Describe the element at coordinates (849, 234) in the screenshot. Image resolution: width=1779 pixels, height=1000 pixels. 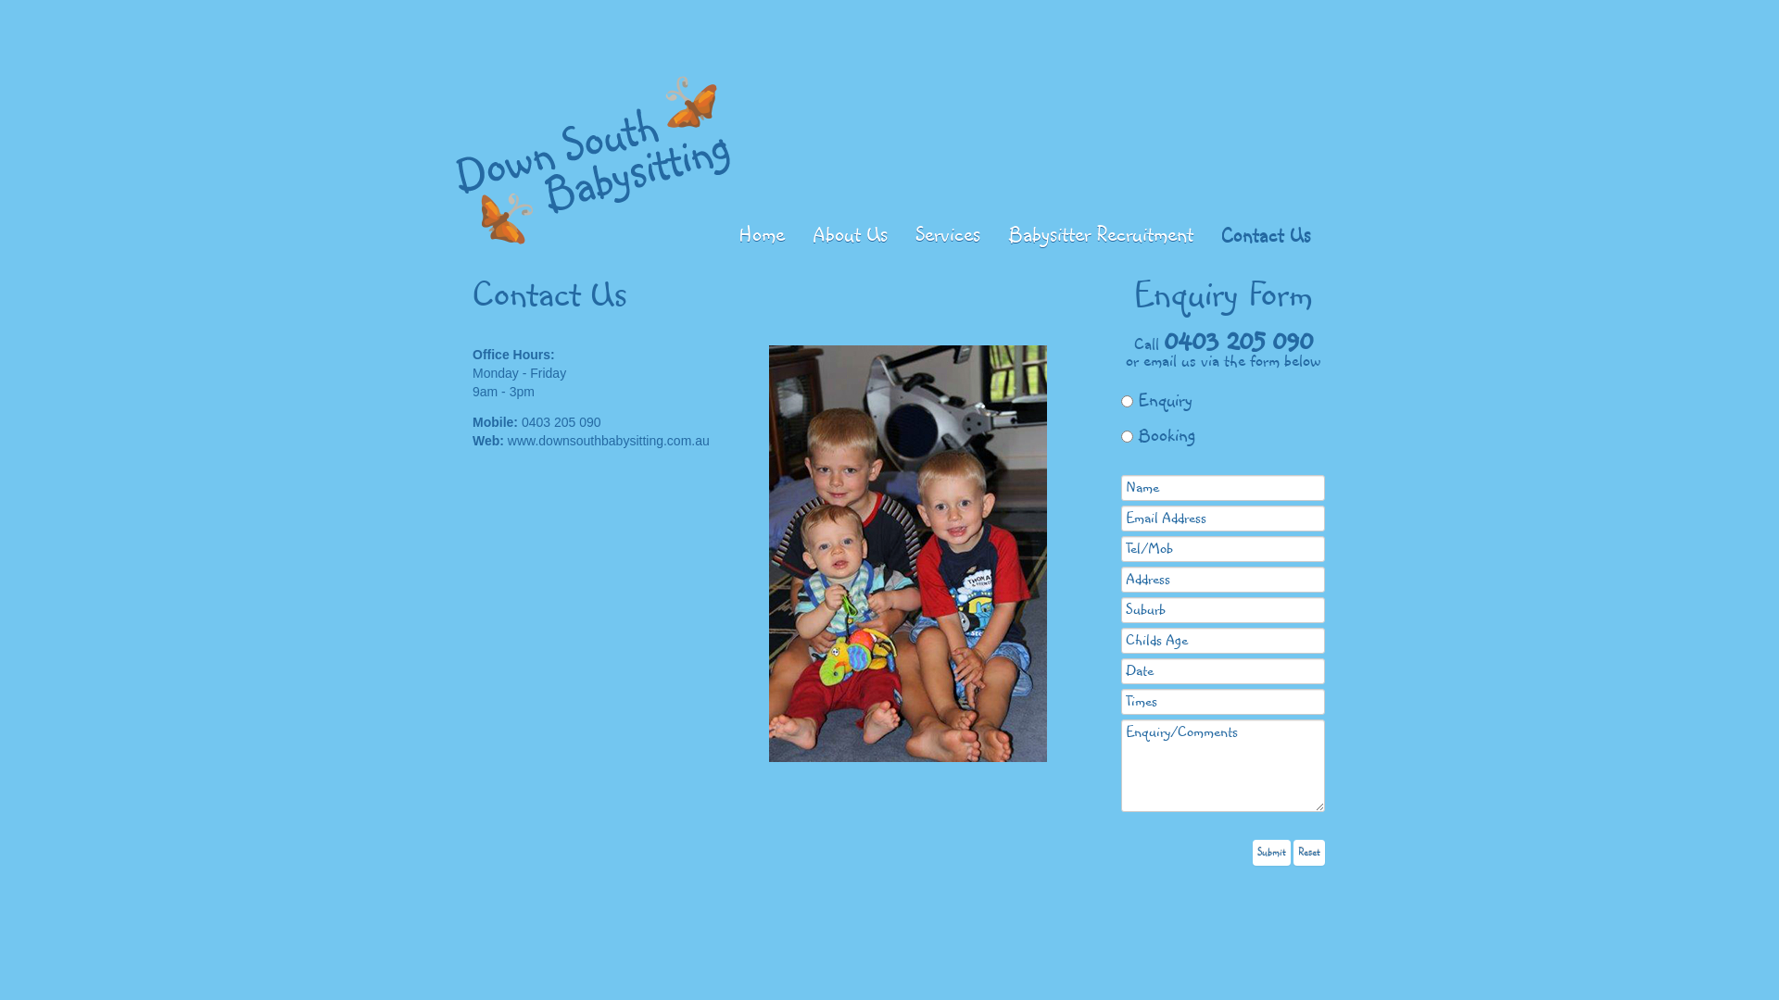
I see `'About Us'` at that location.